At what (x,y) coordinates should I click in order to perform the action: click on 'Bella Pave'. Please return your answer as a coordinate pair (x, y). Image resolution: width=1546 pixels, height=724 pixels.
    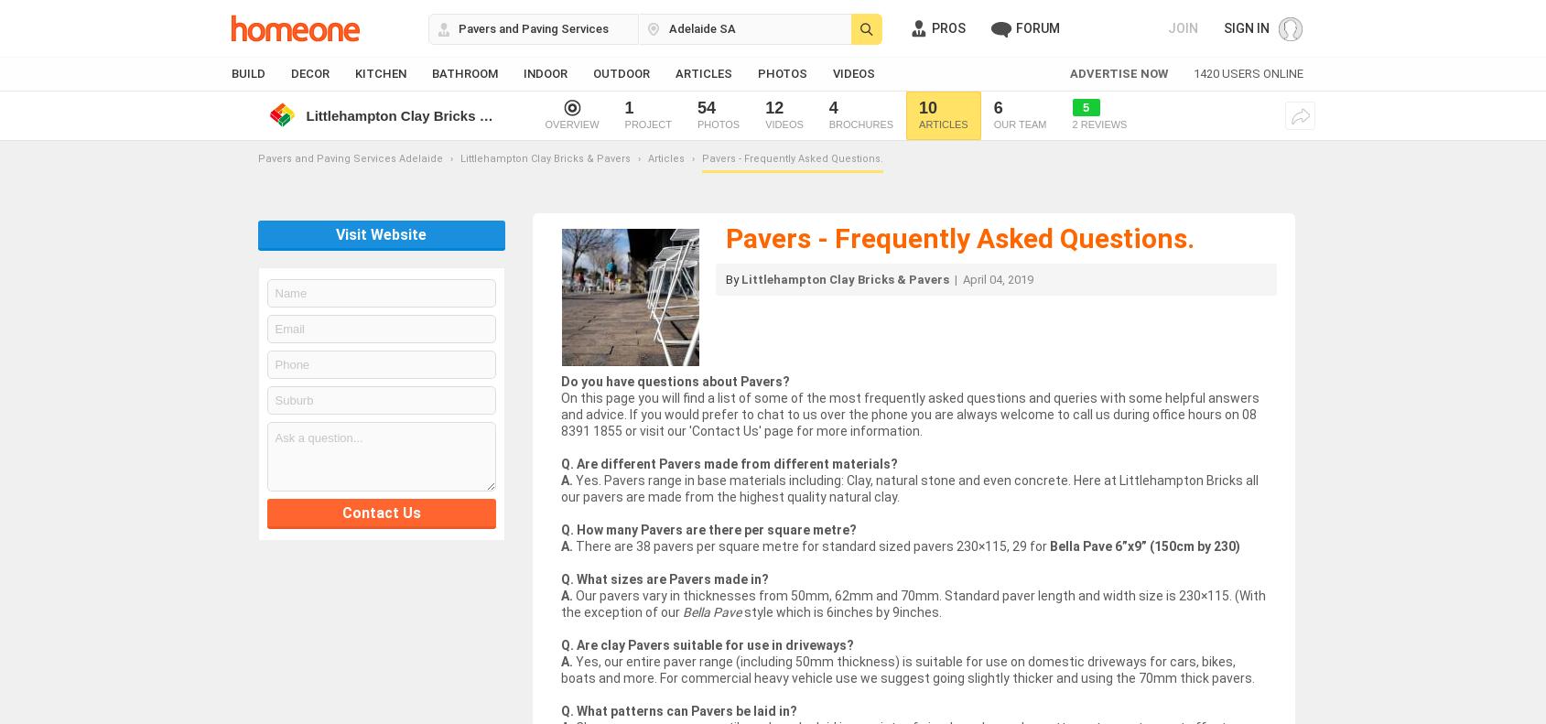
    Looking at the image, I should click on (709, 612).